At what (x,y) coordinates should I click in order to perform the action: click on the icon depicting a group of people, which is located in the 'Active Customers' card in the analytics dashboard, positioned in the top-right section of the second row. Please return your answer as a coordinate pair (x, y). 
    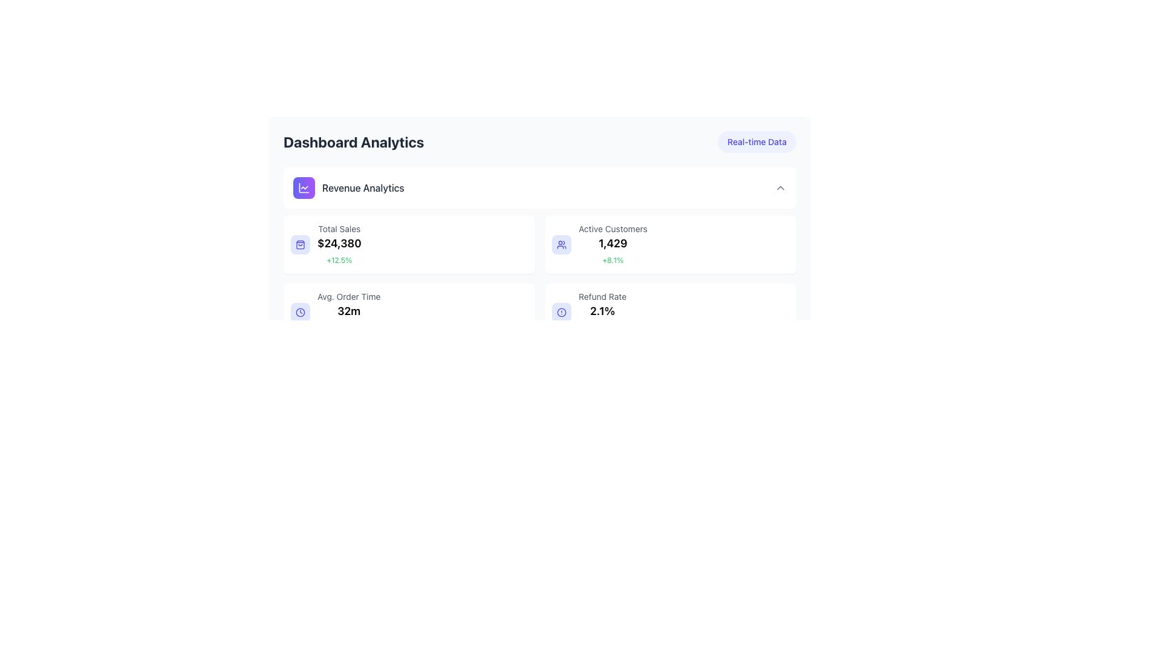
    Looking at the image, I should click on (561, 245).